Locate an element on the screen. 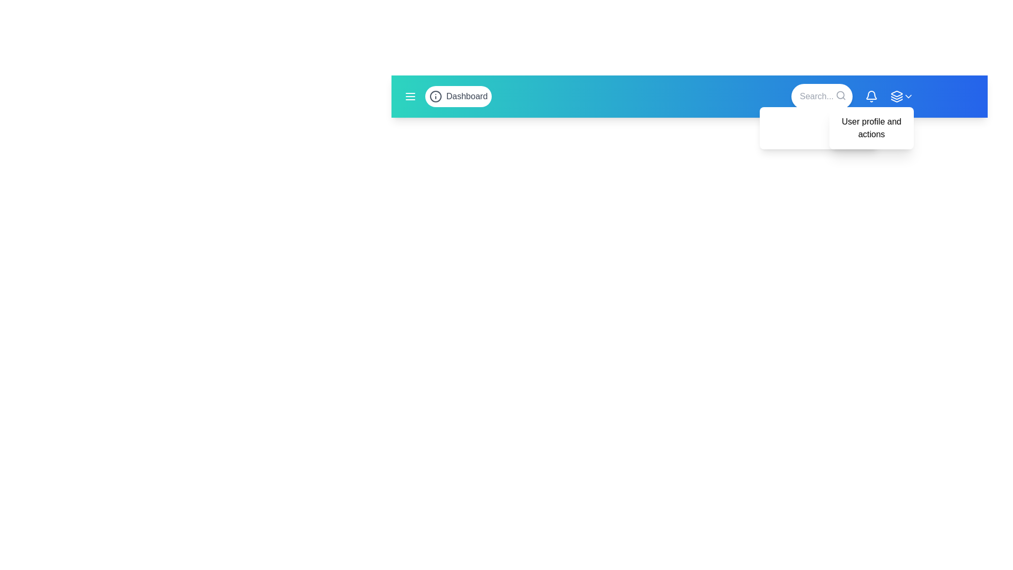 The width and height of the screenshot is (1013, 570). the rounded white button labeled 'Dashboard' with a grey icon (stylized letter 'i') is located at coordinates (458, 96).